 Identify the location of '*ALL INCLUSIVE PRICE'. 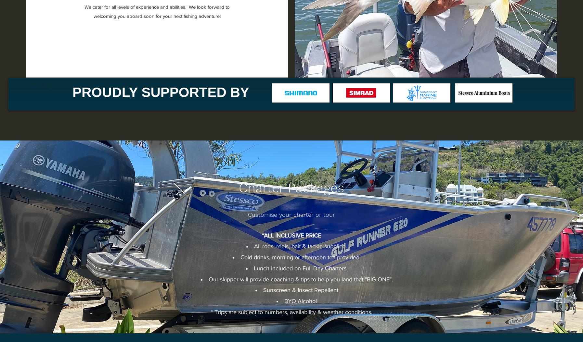
(291, 235).